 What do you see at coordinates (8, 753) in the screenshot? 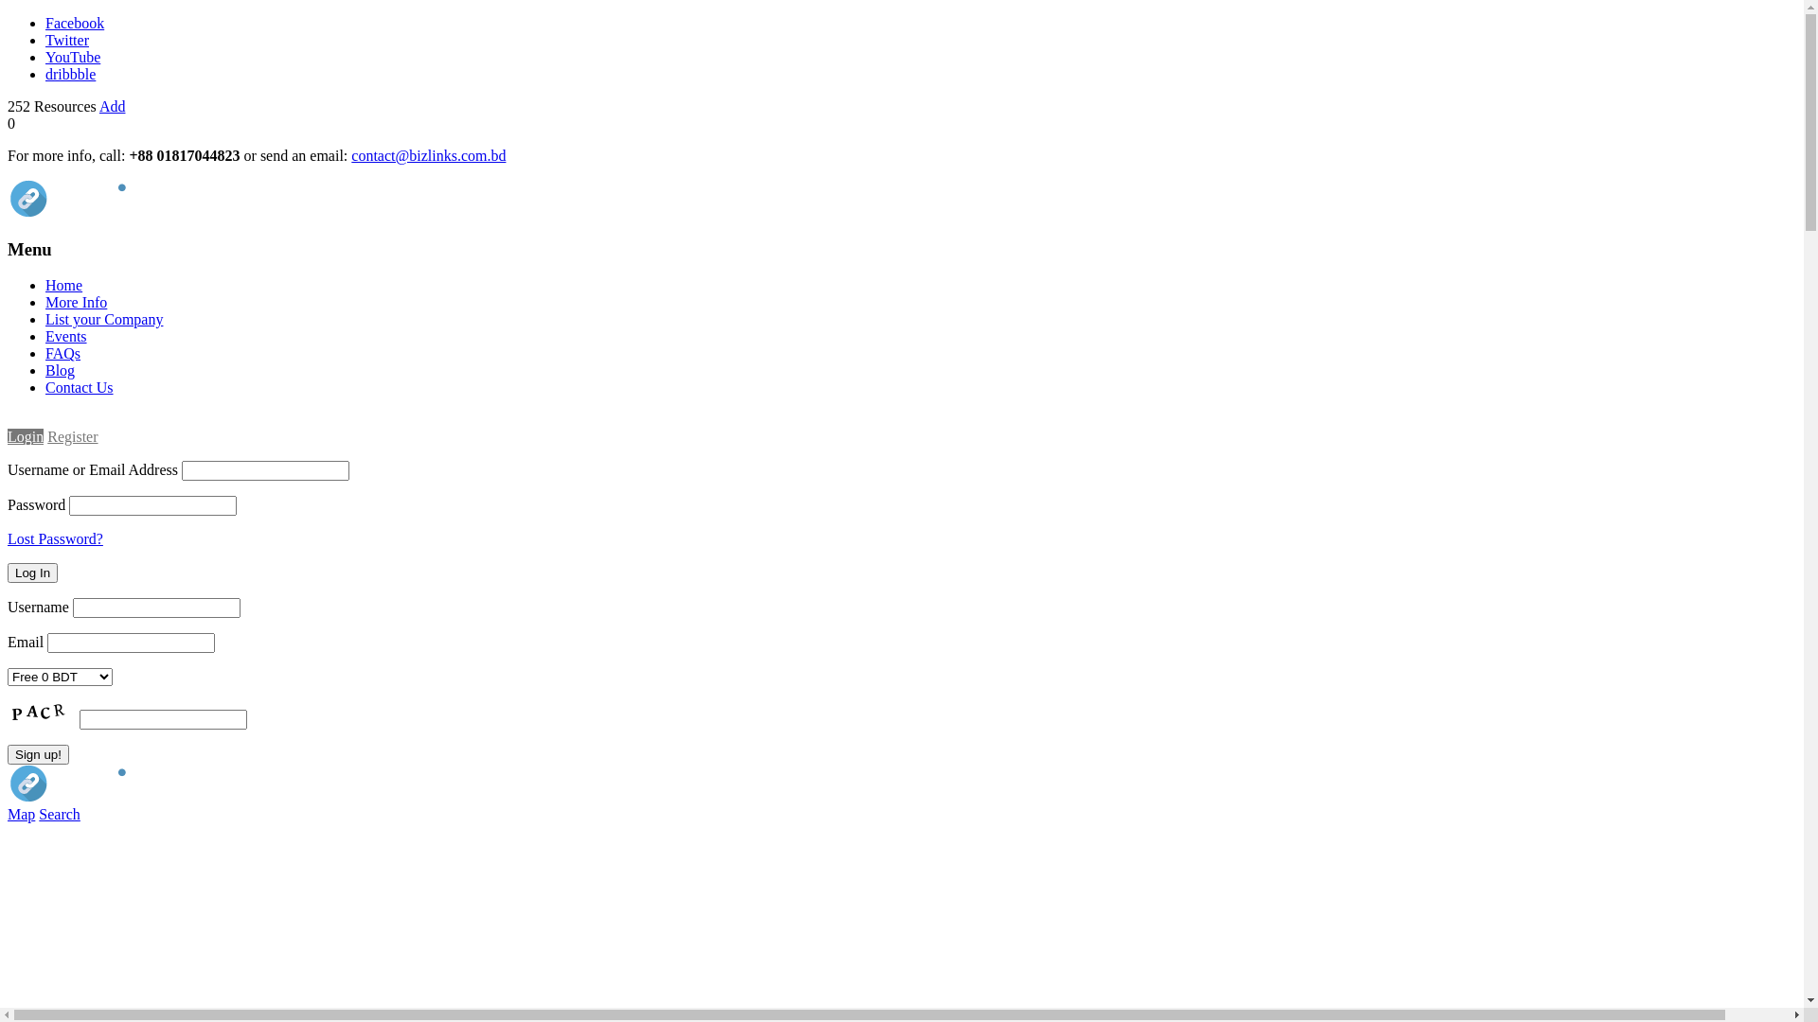
I see `'Sign up!'` at bounding box center [8, 753].